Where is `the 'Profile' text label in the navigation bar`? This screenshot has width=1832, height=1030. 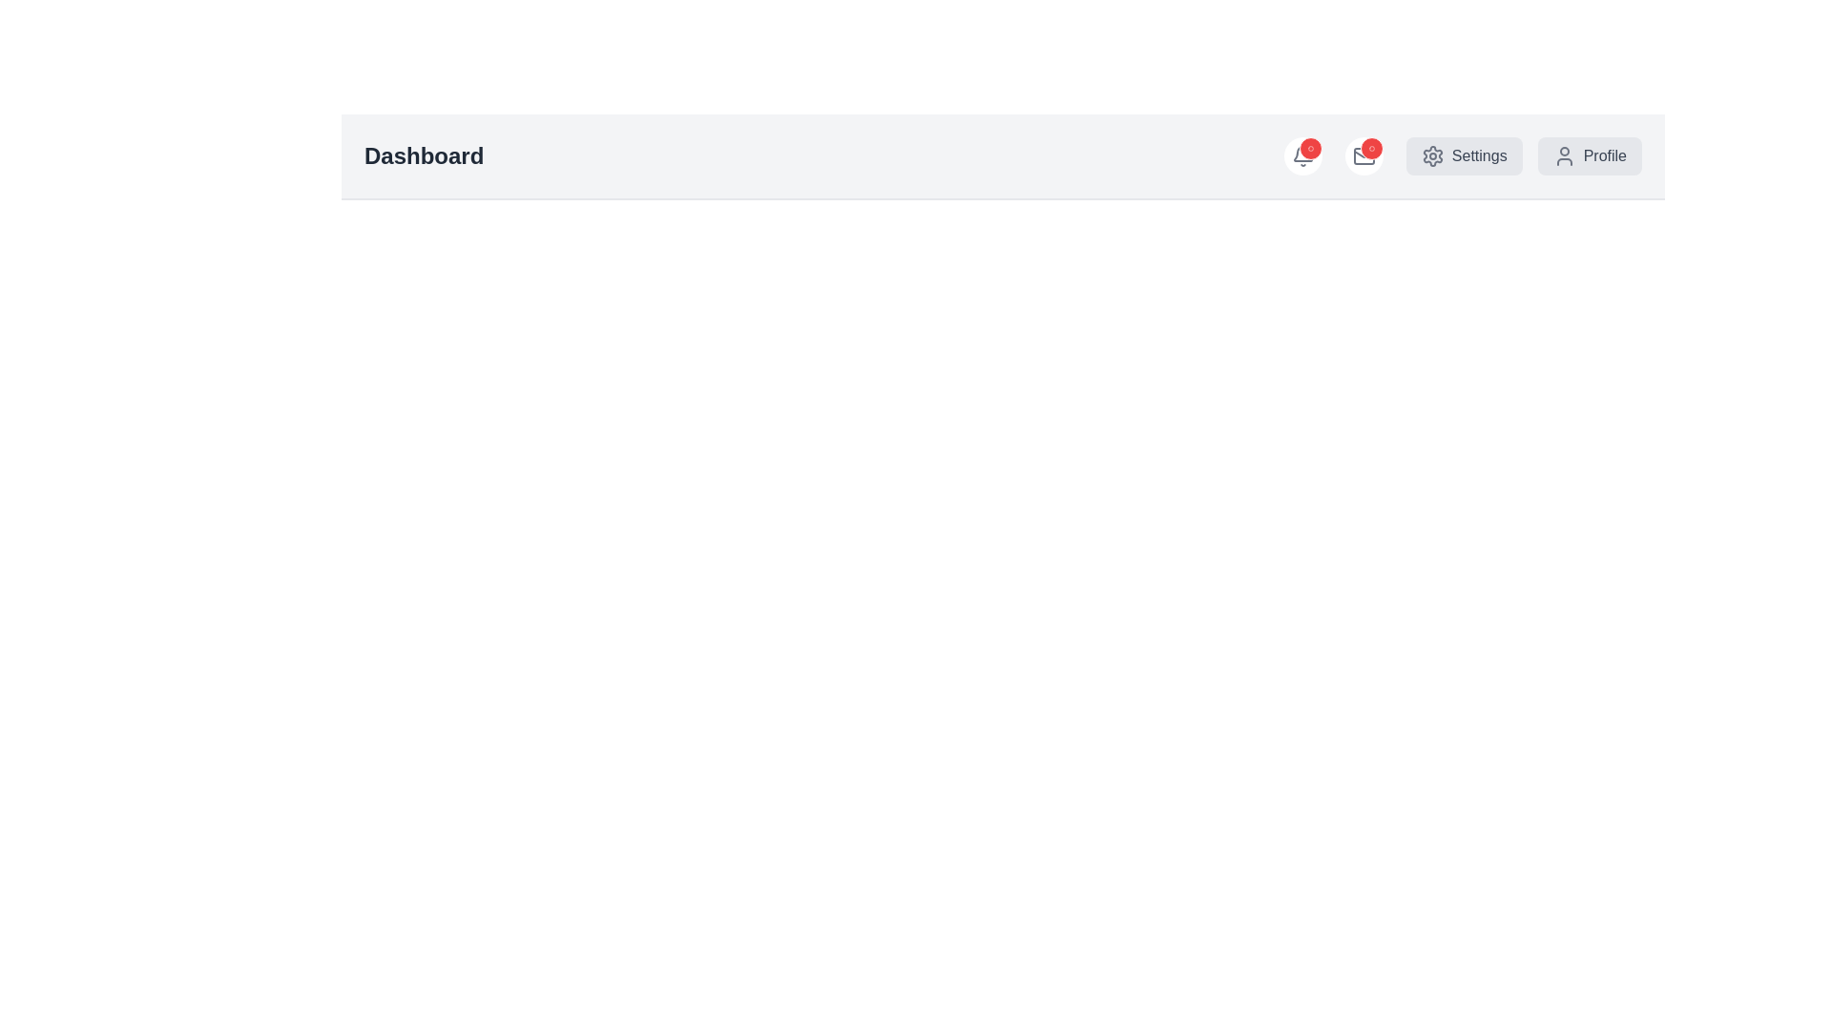 the 'Profile' text label in the navigation bar is located at coordinates (1604, 155).